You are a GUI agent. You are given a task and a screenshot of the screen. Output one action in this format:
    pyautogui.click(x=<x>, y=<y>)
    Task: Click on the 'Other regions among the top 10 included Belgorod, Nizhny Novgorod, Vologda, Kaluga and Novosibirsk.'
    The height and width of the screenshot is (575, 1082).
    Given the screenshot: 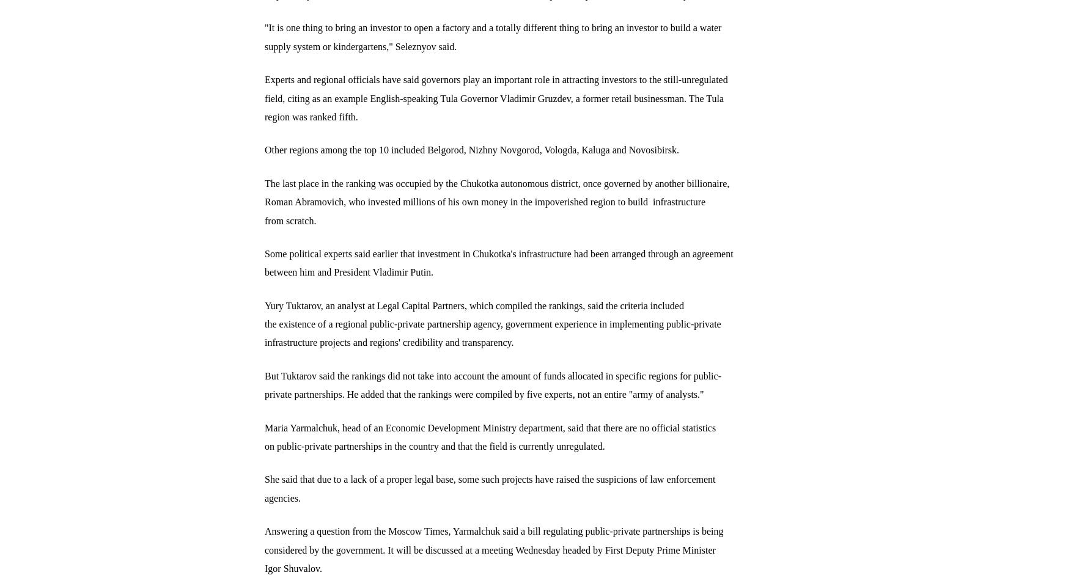 What is the action you would take?
    pyautogui.click(x=471, y=149)
    